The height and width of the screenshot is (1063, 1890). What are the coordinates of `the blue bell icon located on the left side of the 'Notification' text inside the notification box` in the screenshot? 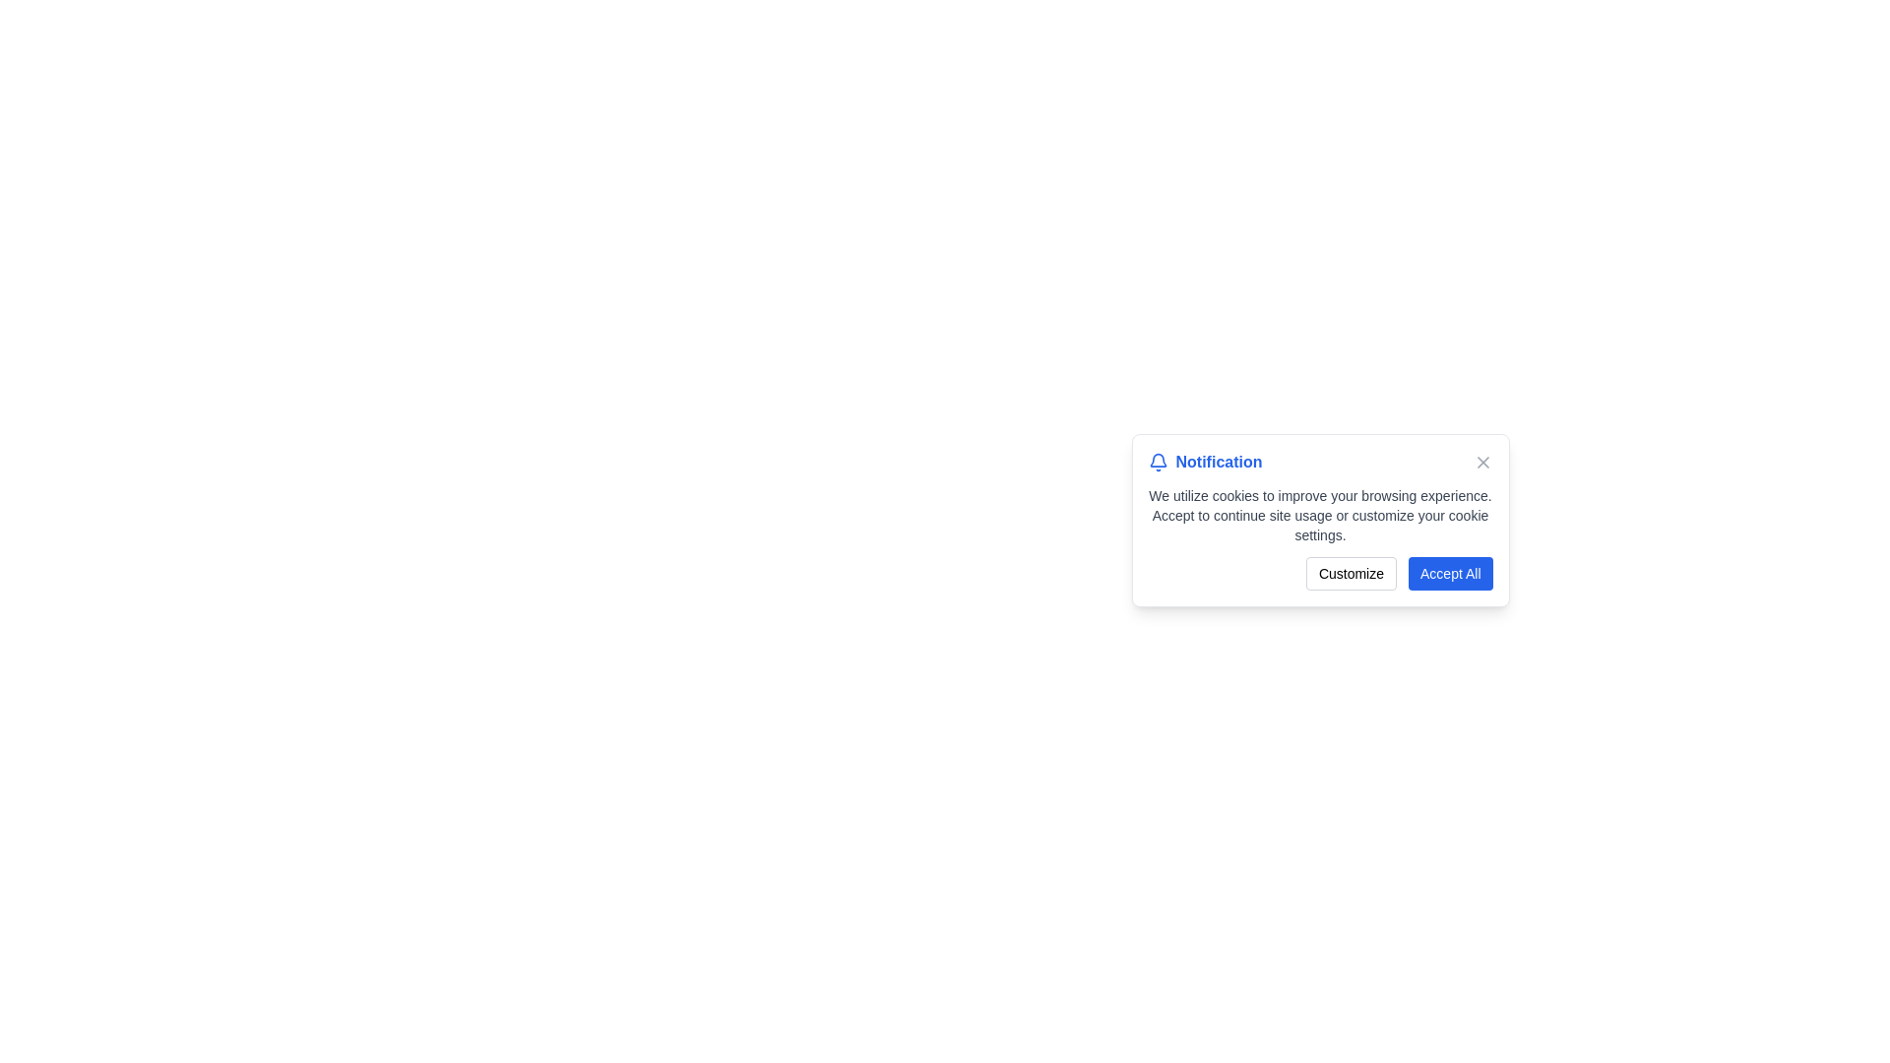 It's located at (1158, 463).